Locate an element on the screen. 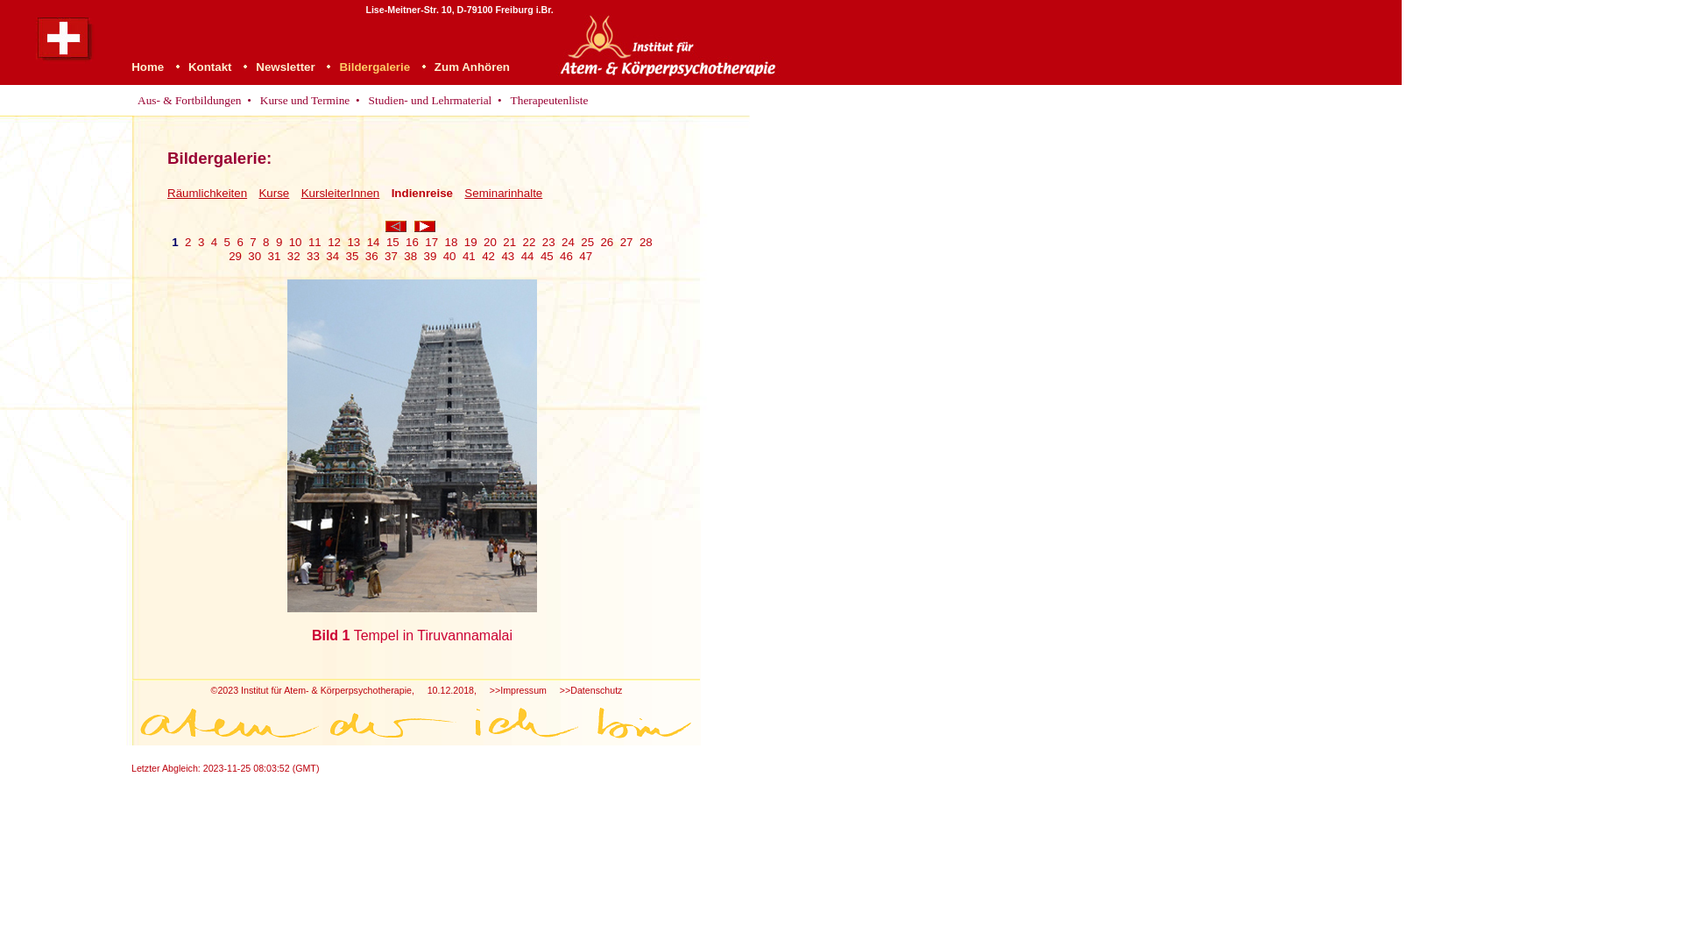 This screenshot has height=946, width=1682. '>>Impressum' is located at coordinates (517, 688).